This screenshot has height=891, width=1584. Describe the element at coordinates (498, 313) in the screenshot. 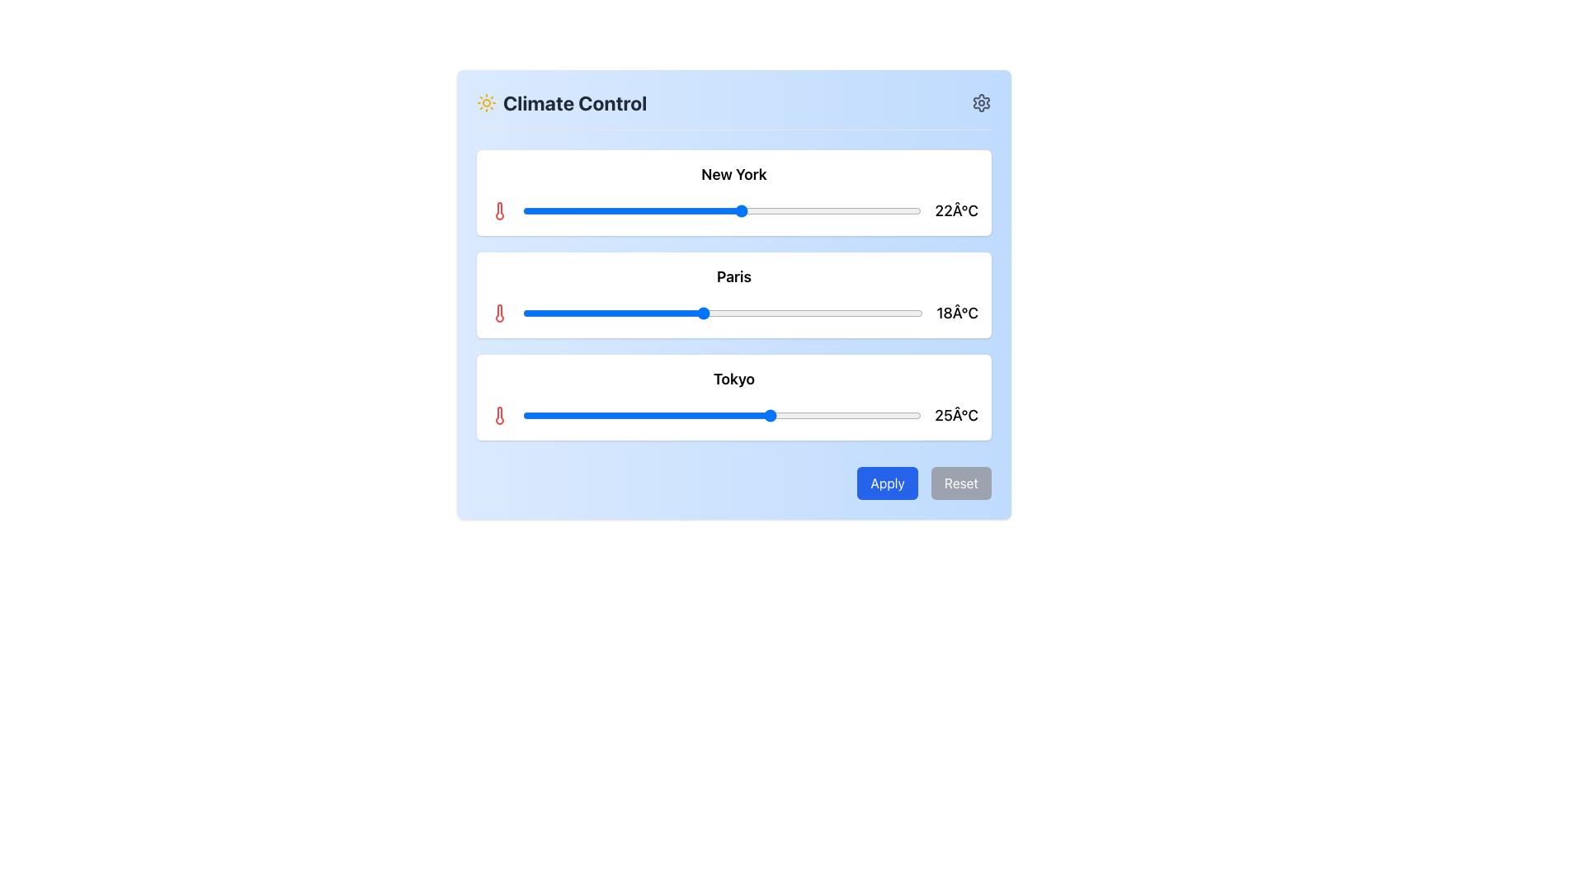

I see `the small red thermometer icon located to the left of the Paris temperature control section, preceding the blue slider control and temperature text` at that location.